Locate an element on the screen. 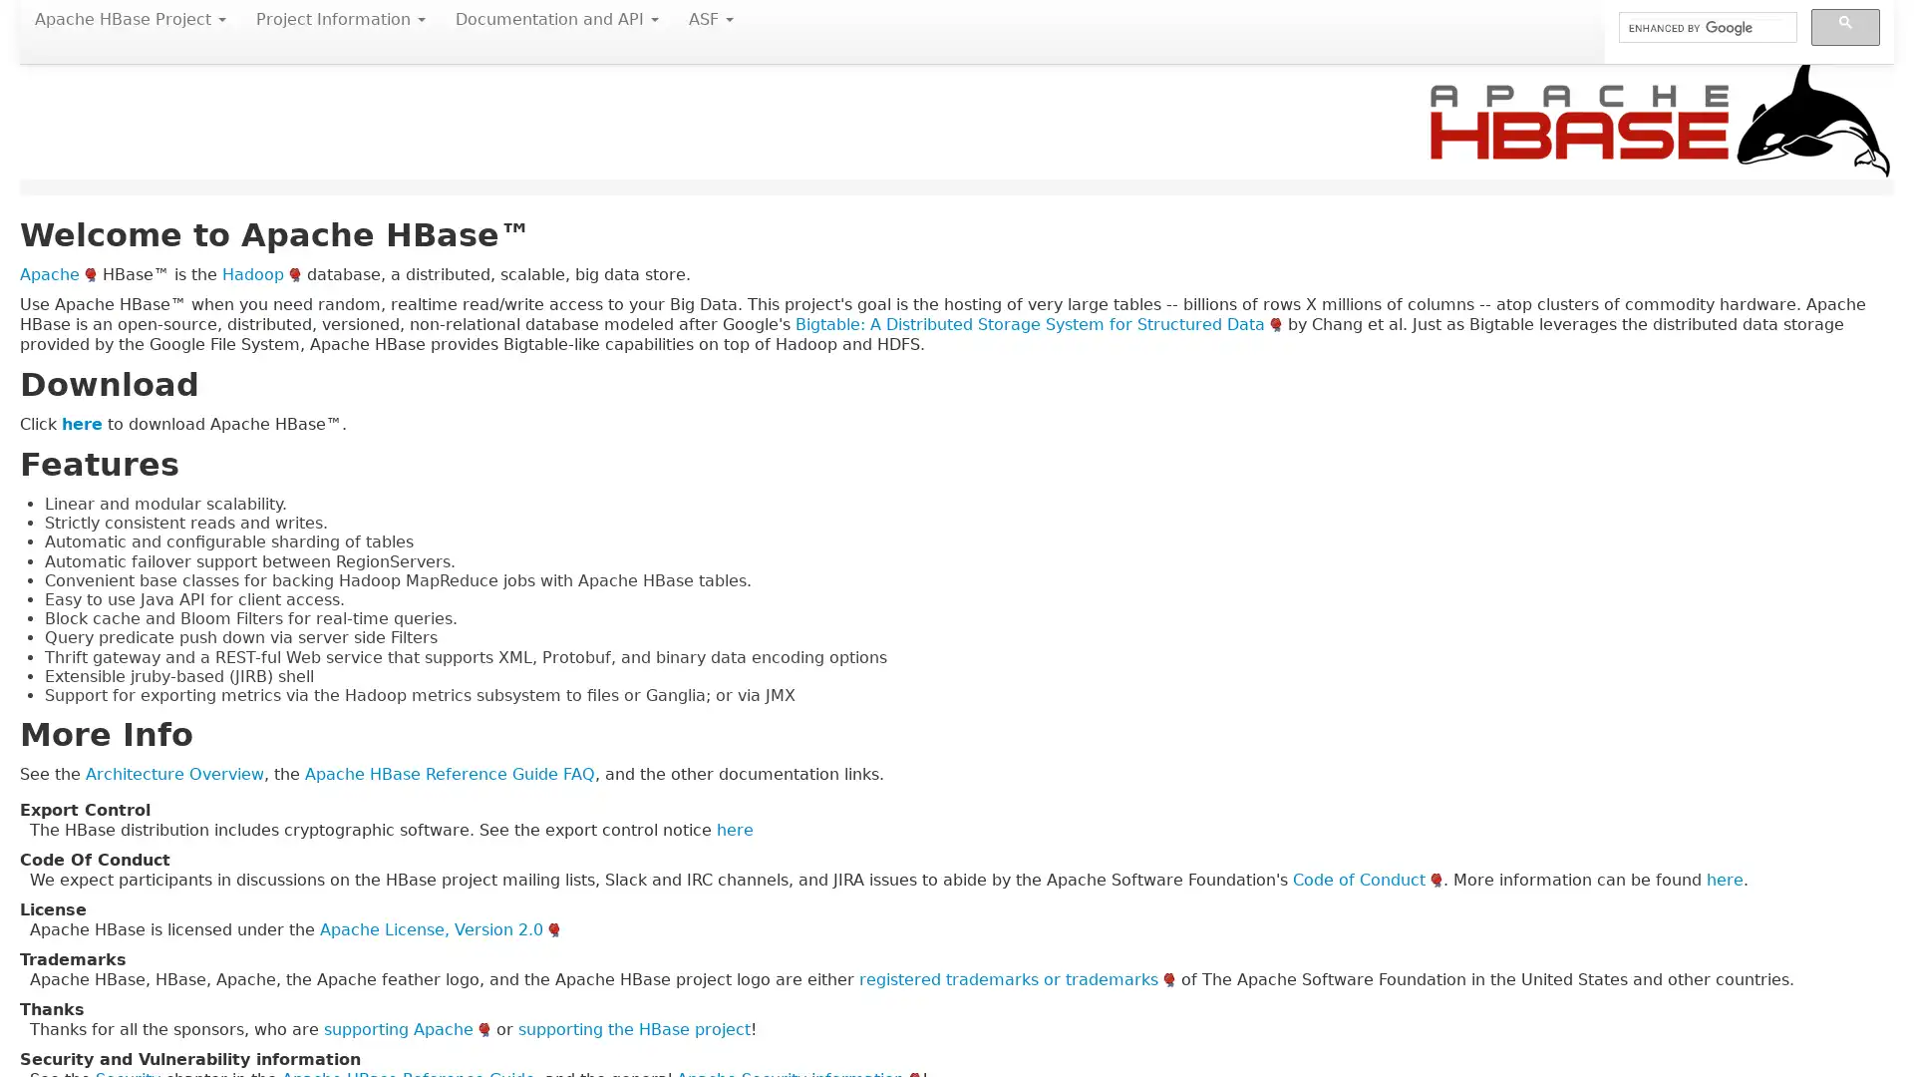 The image size is (1914, 1077). search is located at coordinates (1844, 27).